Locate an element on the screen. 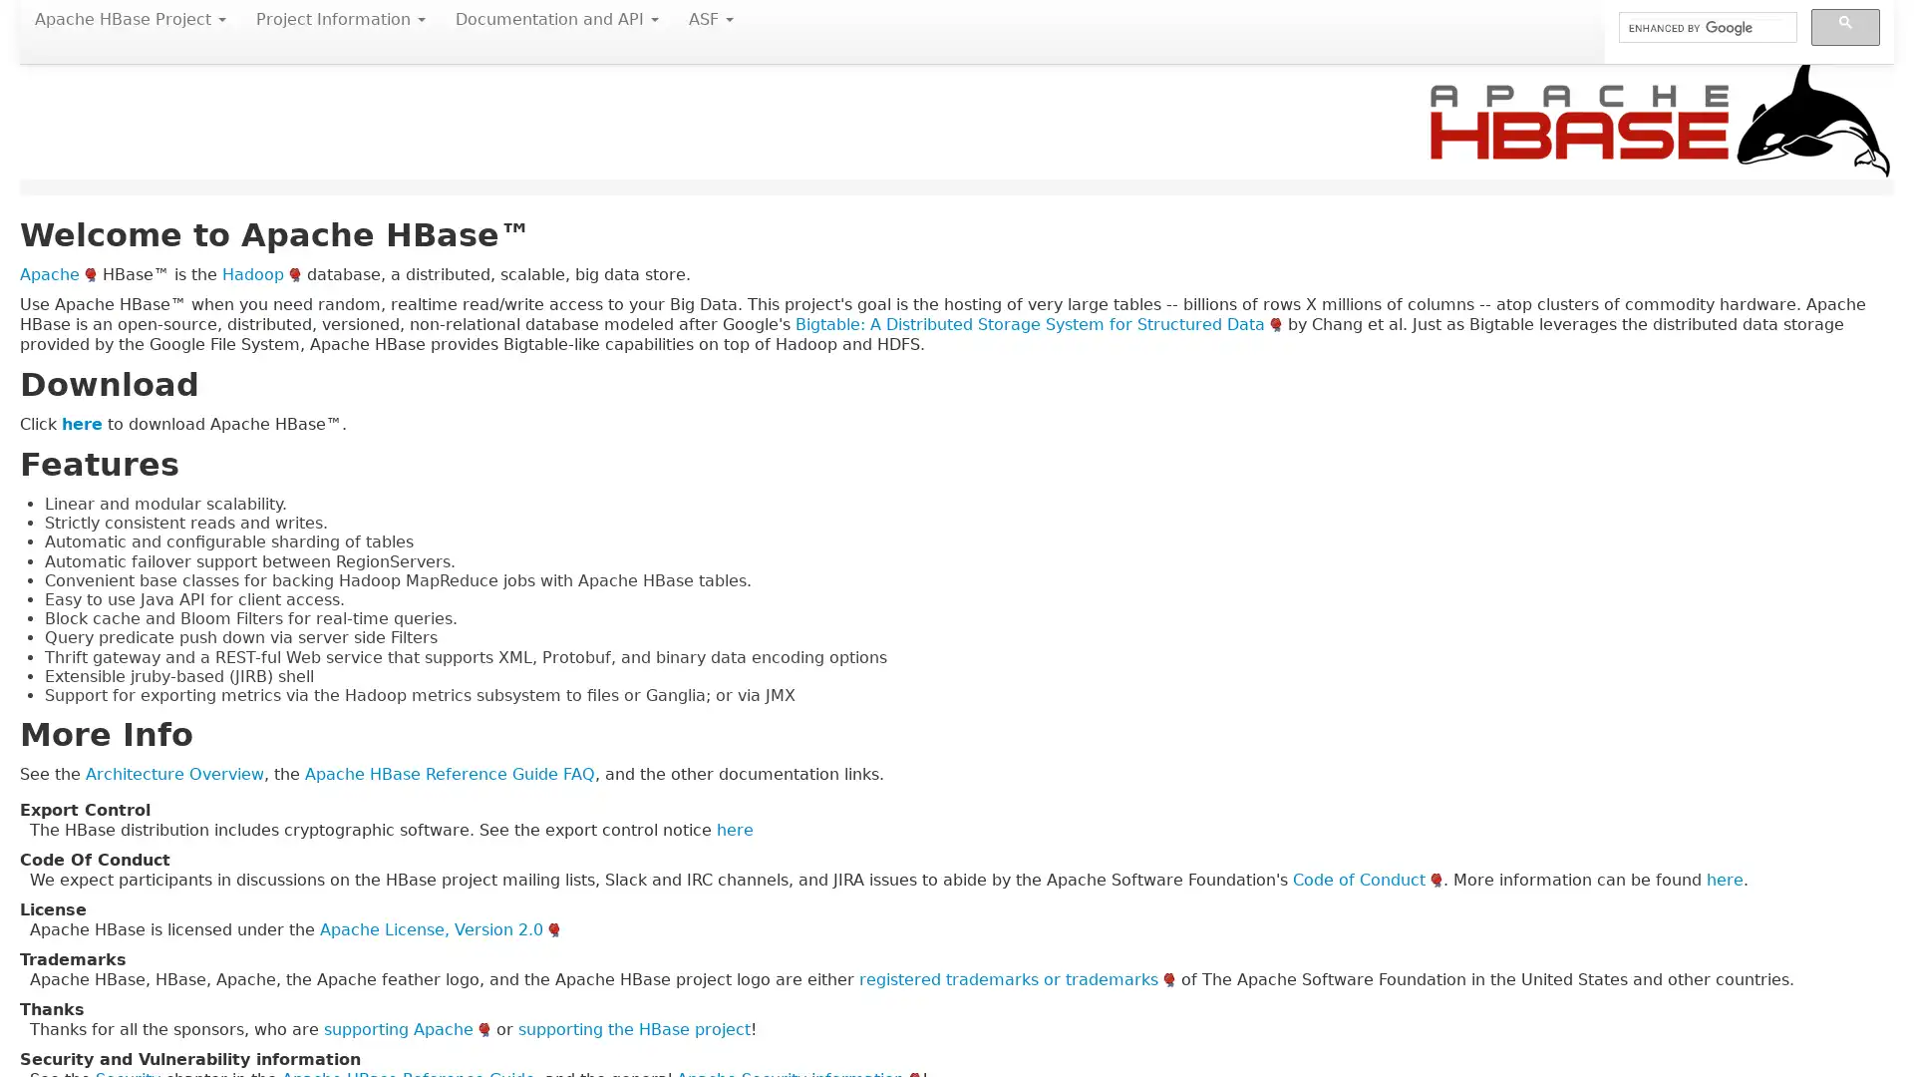 The image size is (1914, 1077). search is located at coordinates (1844, 27).